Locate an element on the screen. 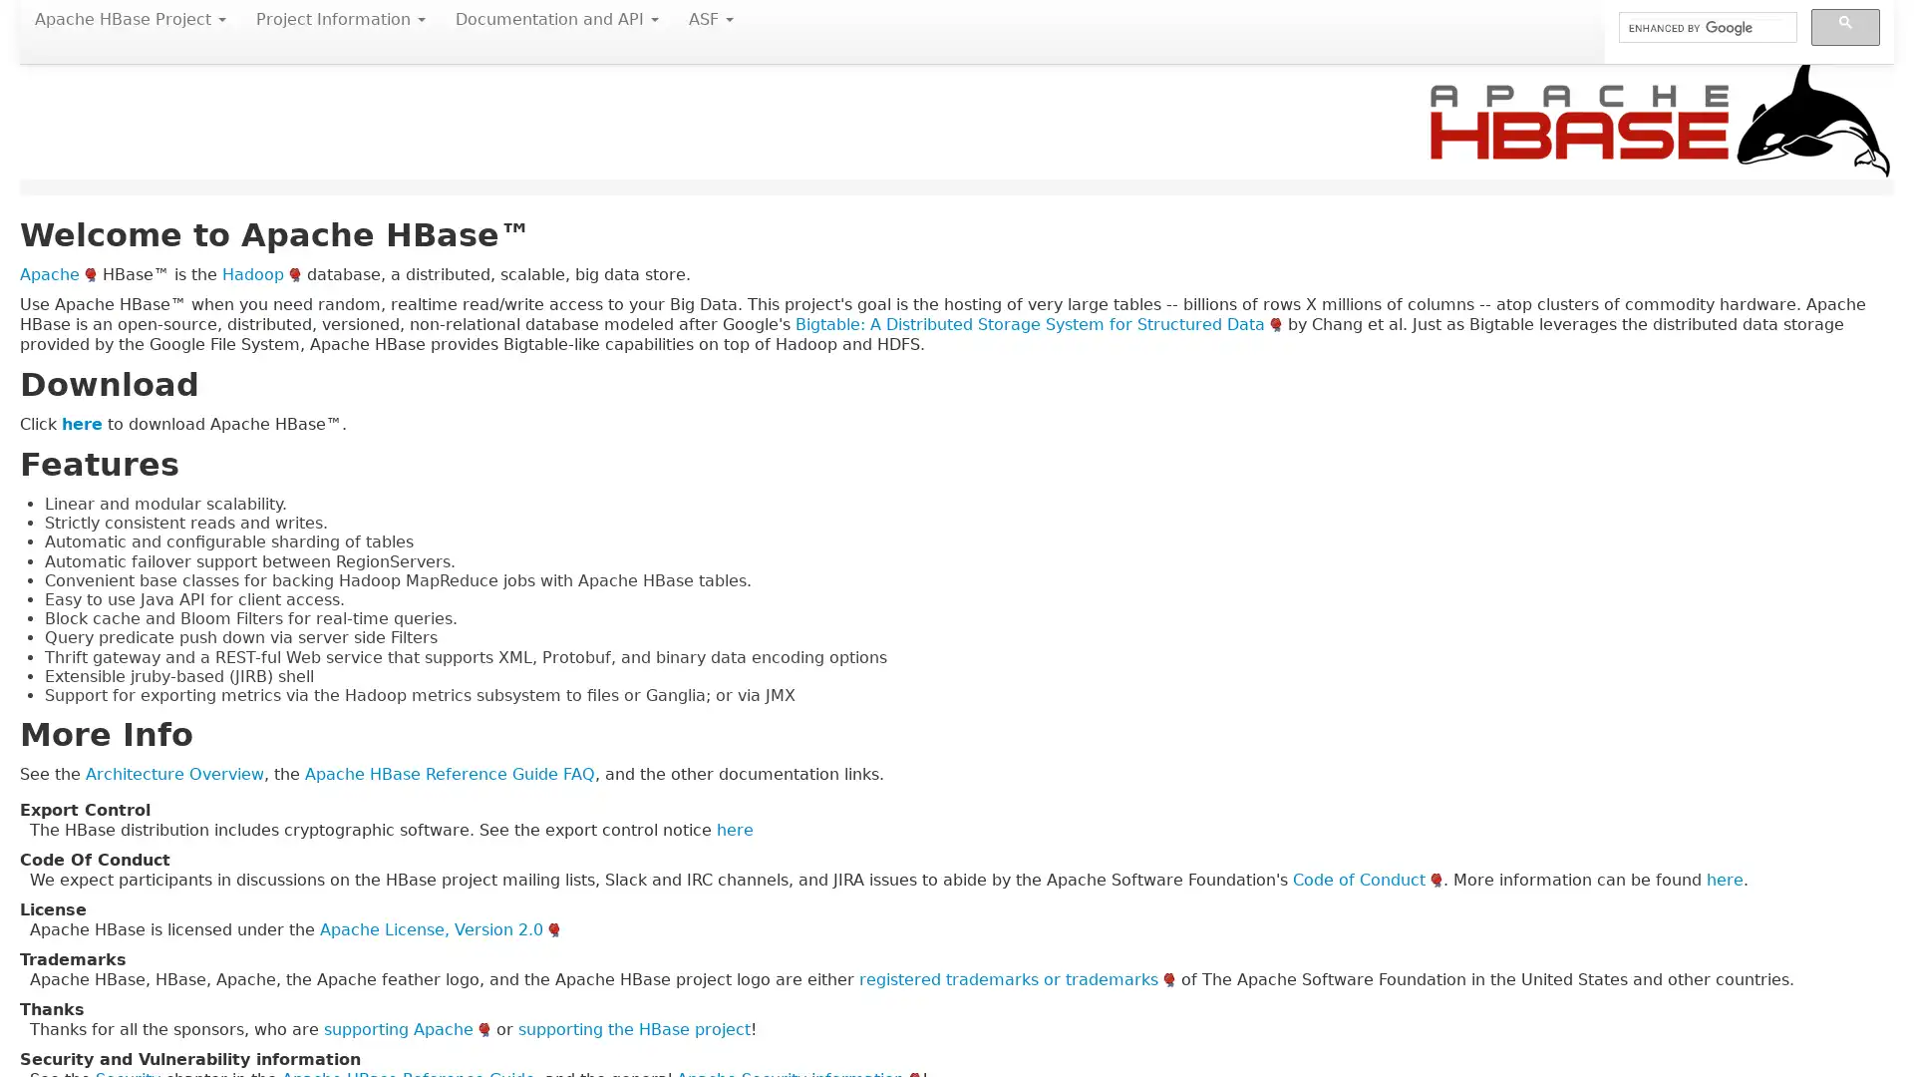 The image size is (1914, 1077). search is located at coordinates (1844, 27).